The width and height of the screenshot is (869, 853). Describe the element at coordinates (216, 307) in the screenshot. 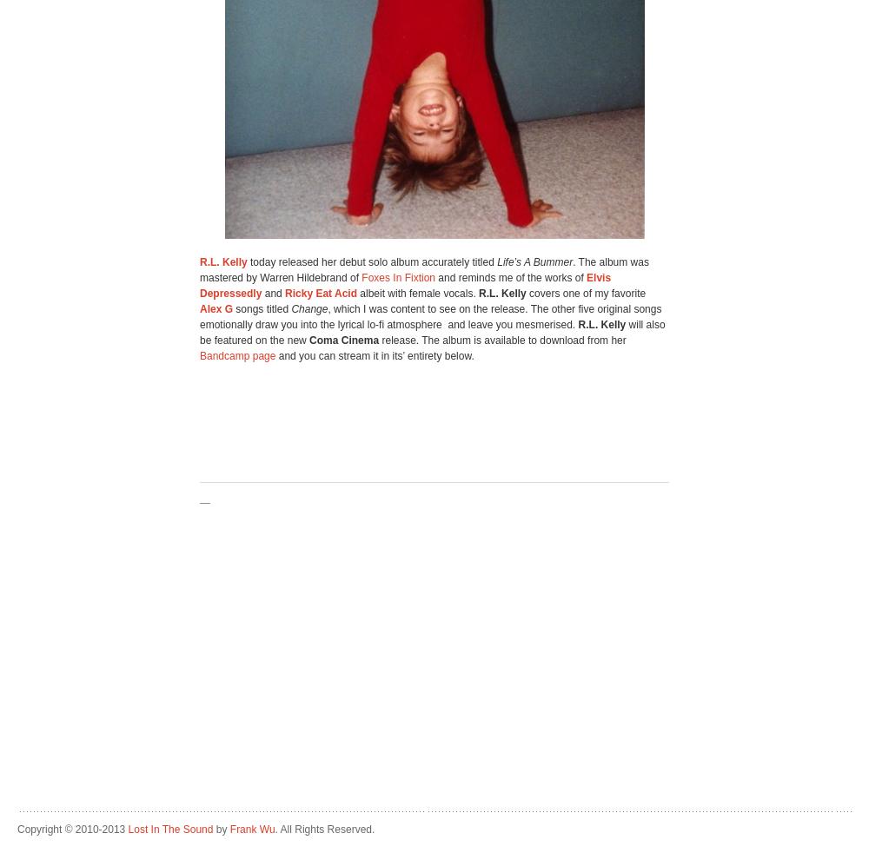

I see `'Alex G'` at that location.